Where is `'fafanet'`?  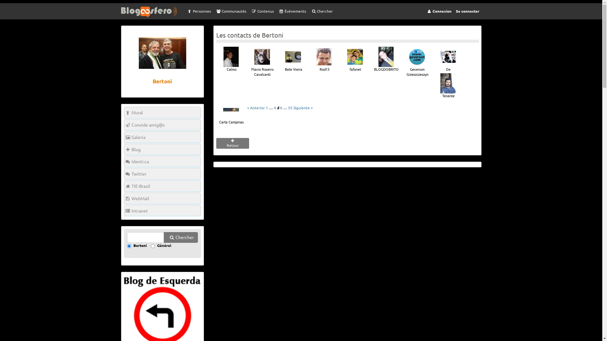
'fafanet' is located at coordinates (355, 59).